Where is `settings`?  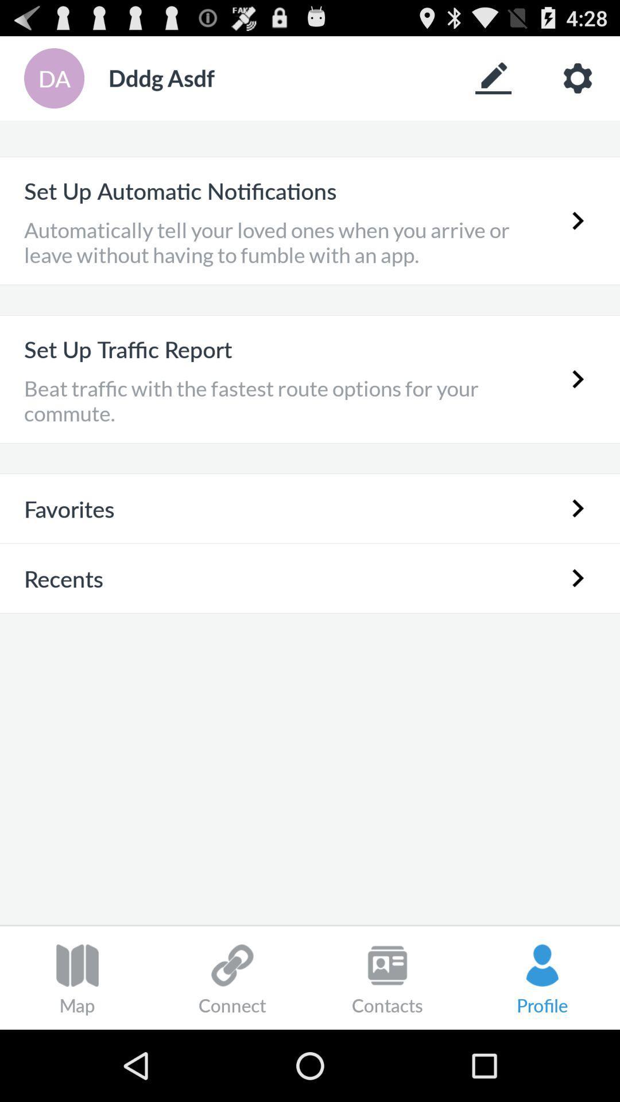
settings is located at coordinates (578, 77).